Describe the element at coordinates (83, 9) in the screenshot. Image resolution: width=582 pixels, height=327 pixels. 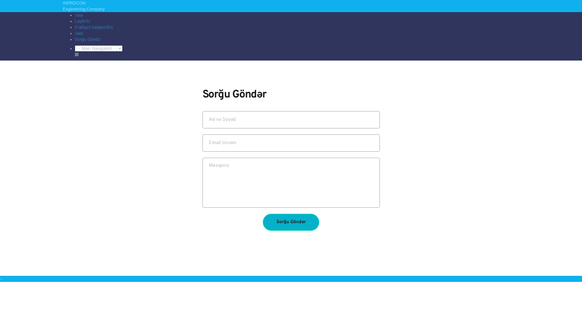
I see `'Engineering Company'` at that location.